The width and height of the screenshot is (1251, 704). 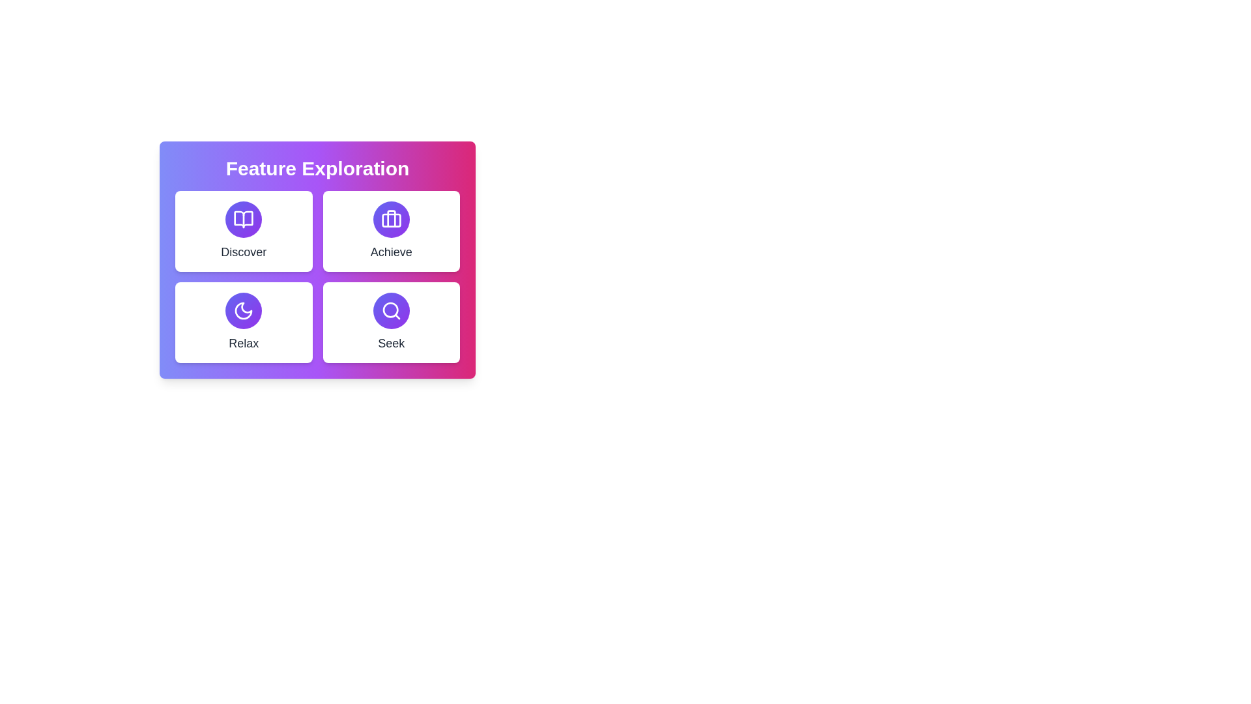 I want to click on the 'Achieve' icon, which is located at the top-right of the 2x2 grid layout under the 'Feature Exploration' heading, so click(x=390, y=218).